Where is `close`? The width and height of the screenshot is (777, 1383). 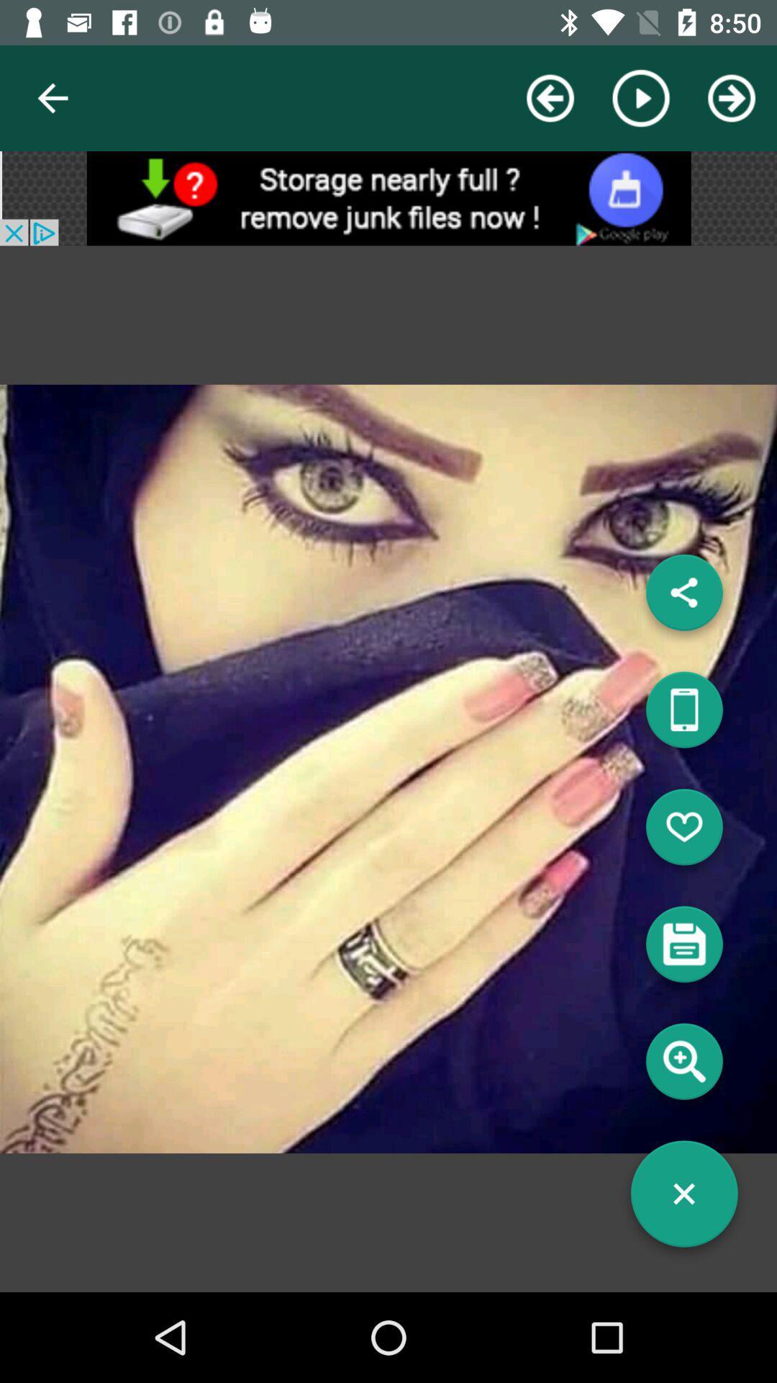
close is located at coordinates (683, 1199).